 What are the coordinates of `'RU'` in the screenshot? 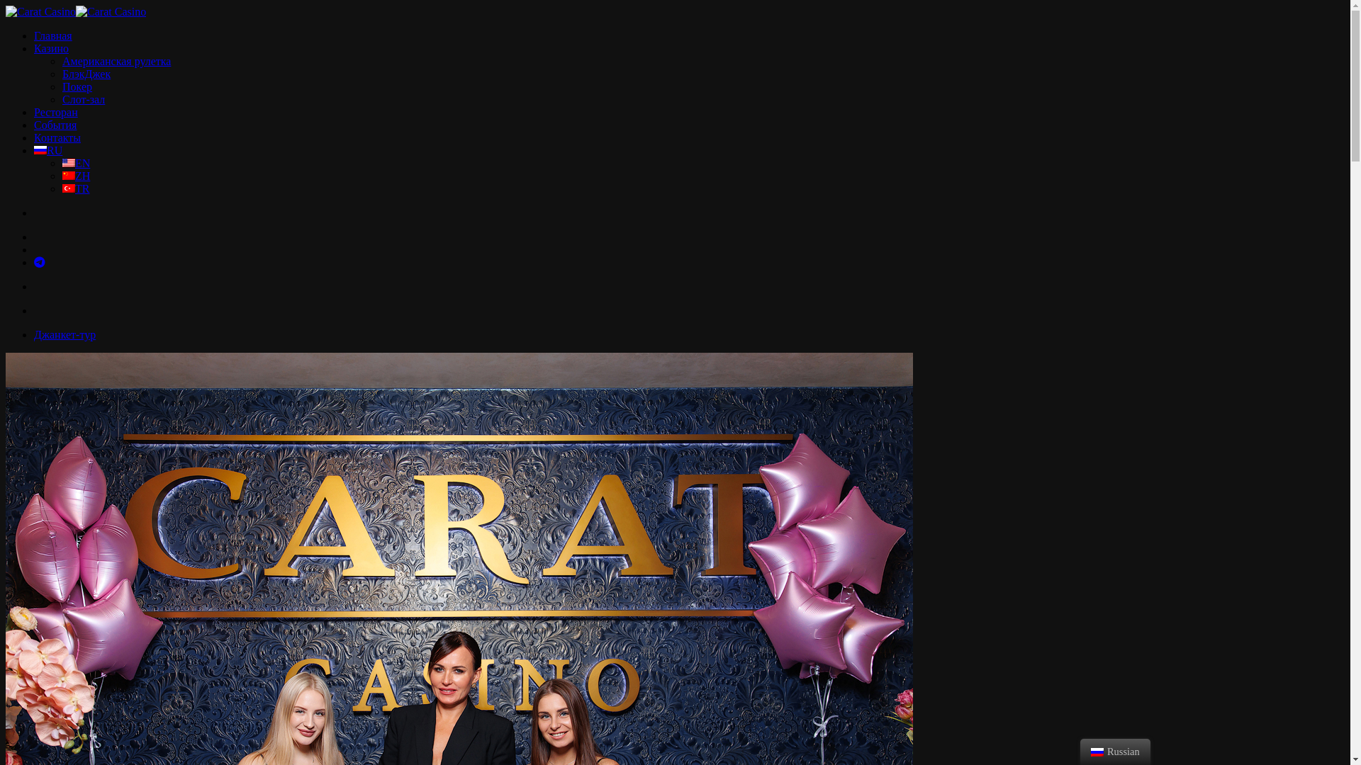 It's located at (47, 150).